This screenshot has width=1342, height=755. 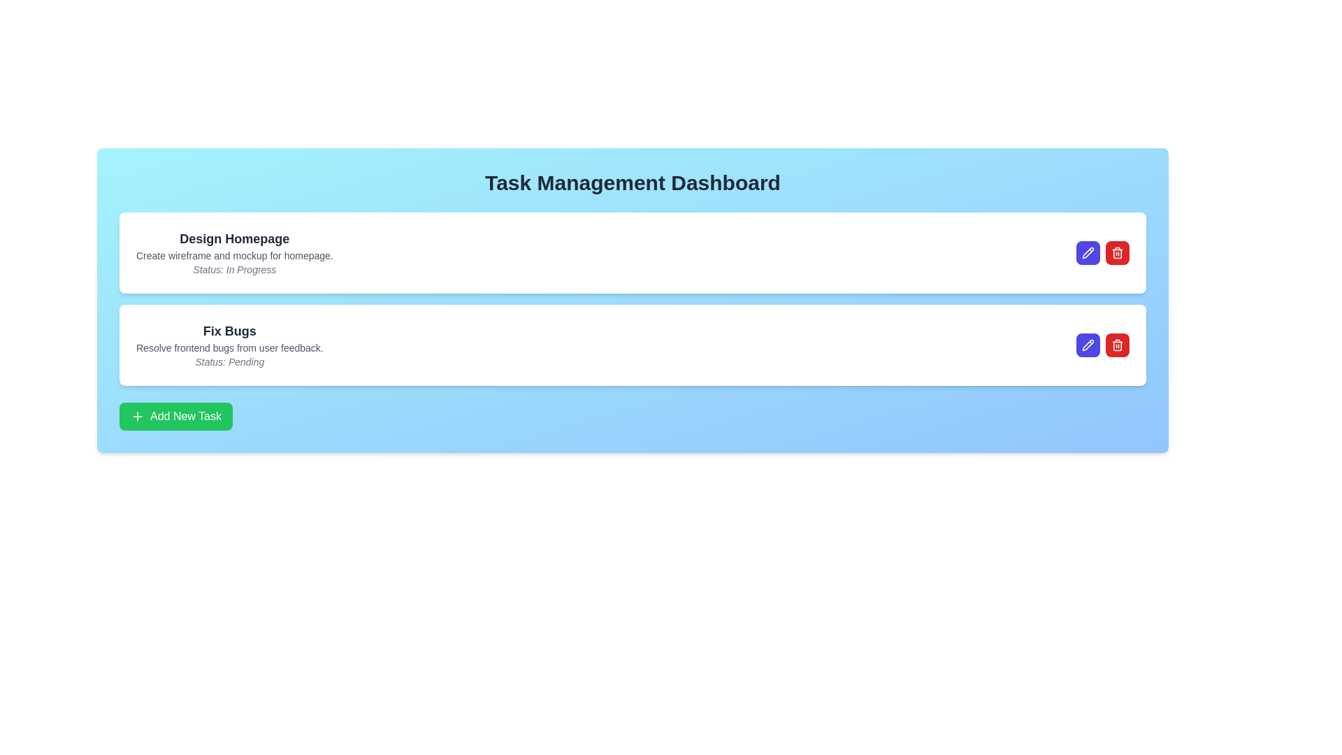 I want to click on the red trash bin icon button located within a red circular button background with a white border, situated to the right of the second task item in a vertical task list, so click(x=1116, y=253).